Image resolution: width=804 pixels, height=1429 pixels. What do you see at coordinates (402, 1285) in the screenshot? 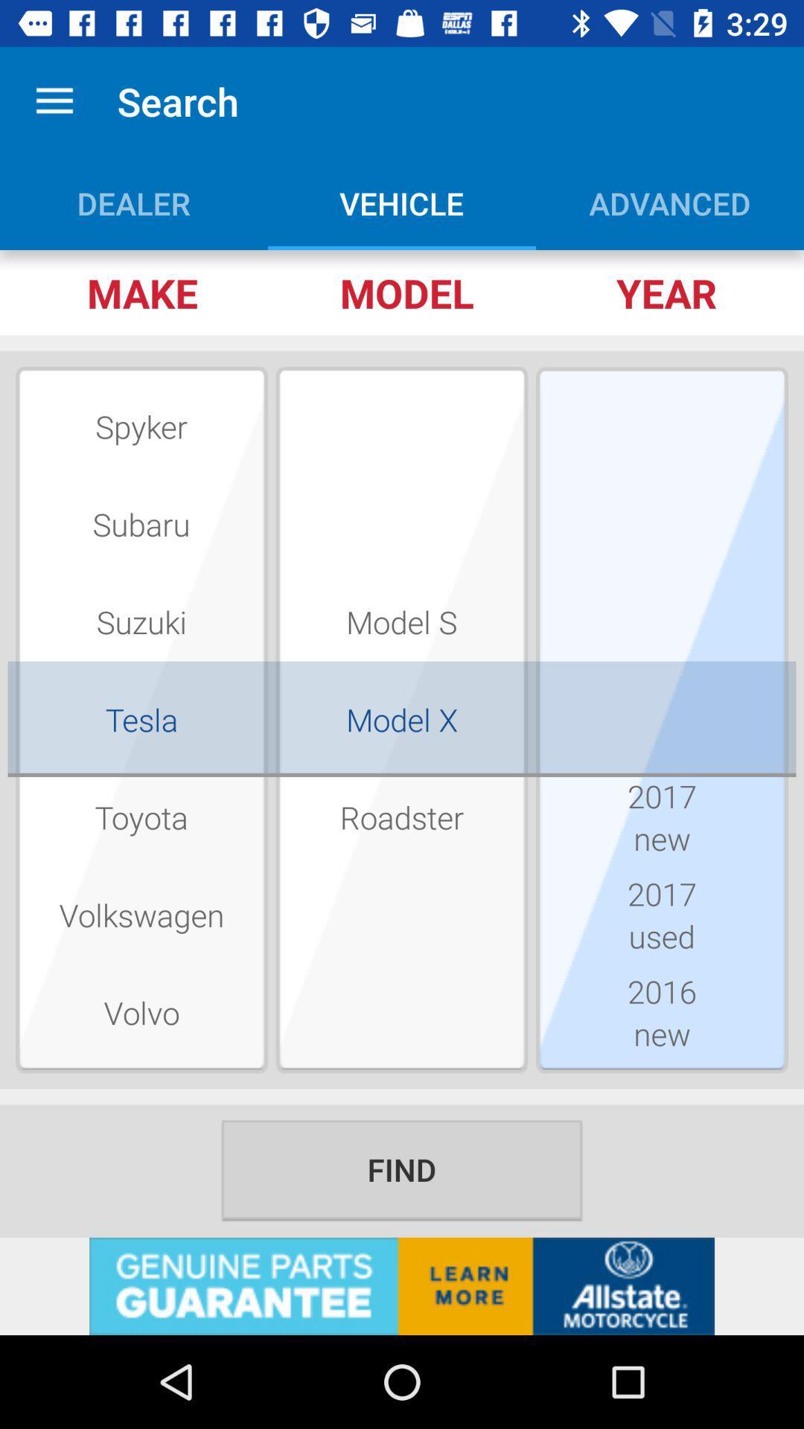
I see `open advertisement` at bounding box center [402, 1285].